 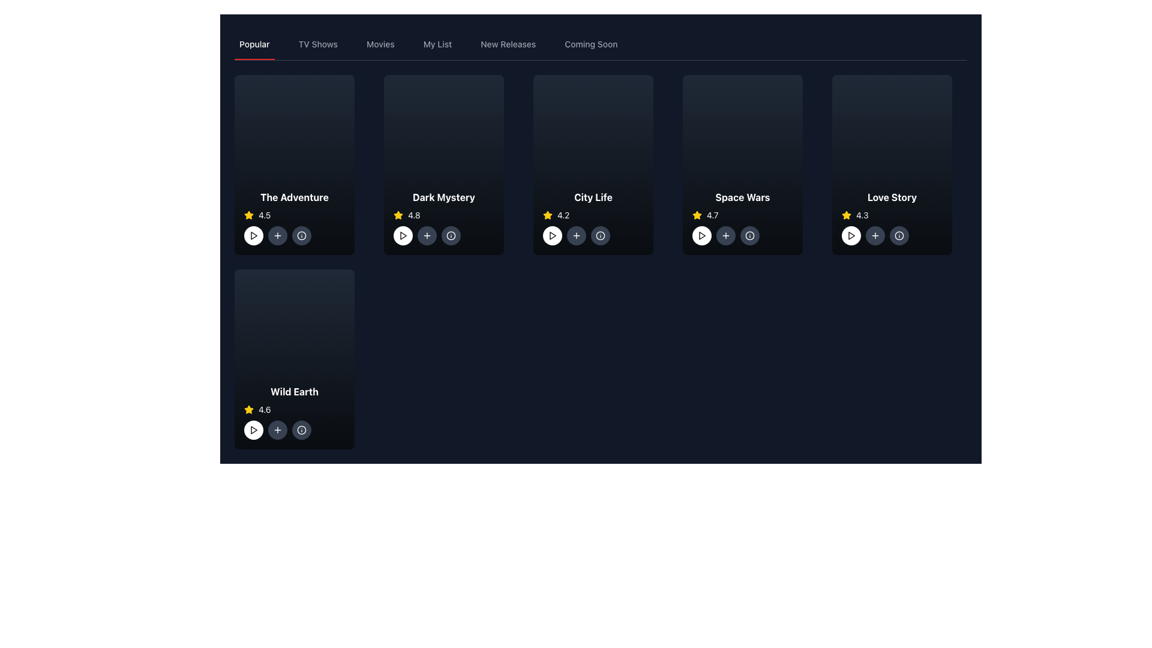 What do you see at coordinates (302, 430) in the screenshot?
I see `the informational button located at the bottom-right sector of the 'Wild Earth' card, next` at bounding box center [302, 430].